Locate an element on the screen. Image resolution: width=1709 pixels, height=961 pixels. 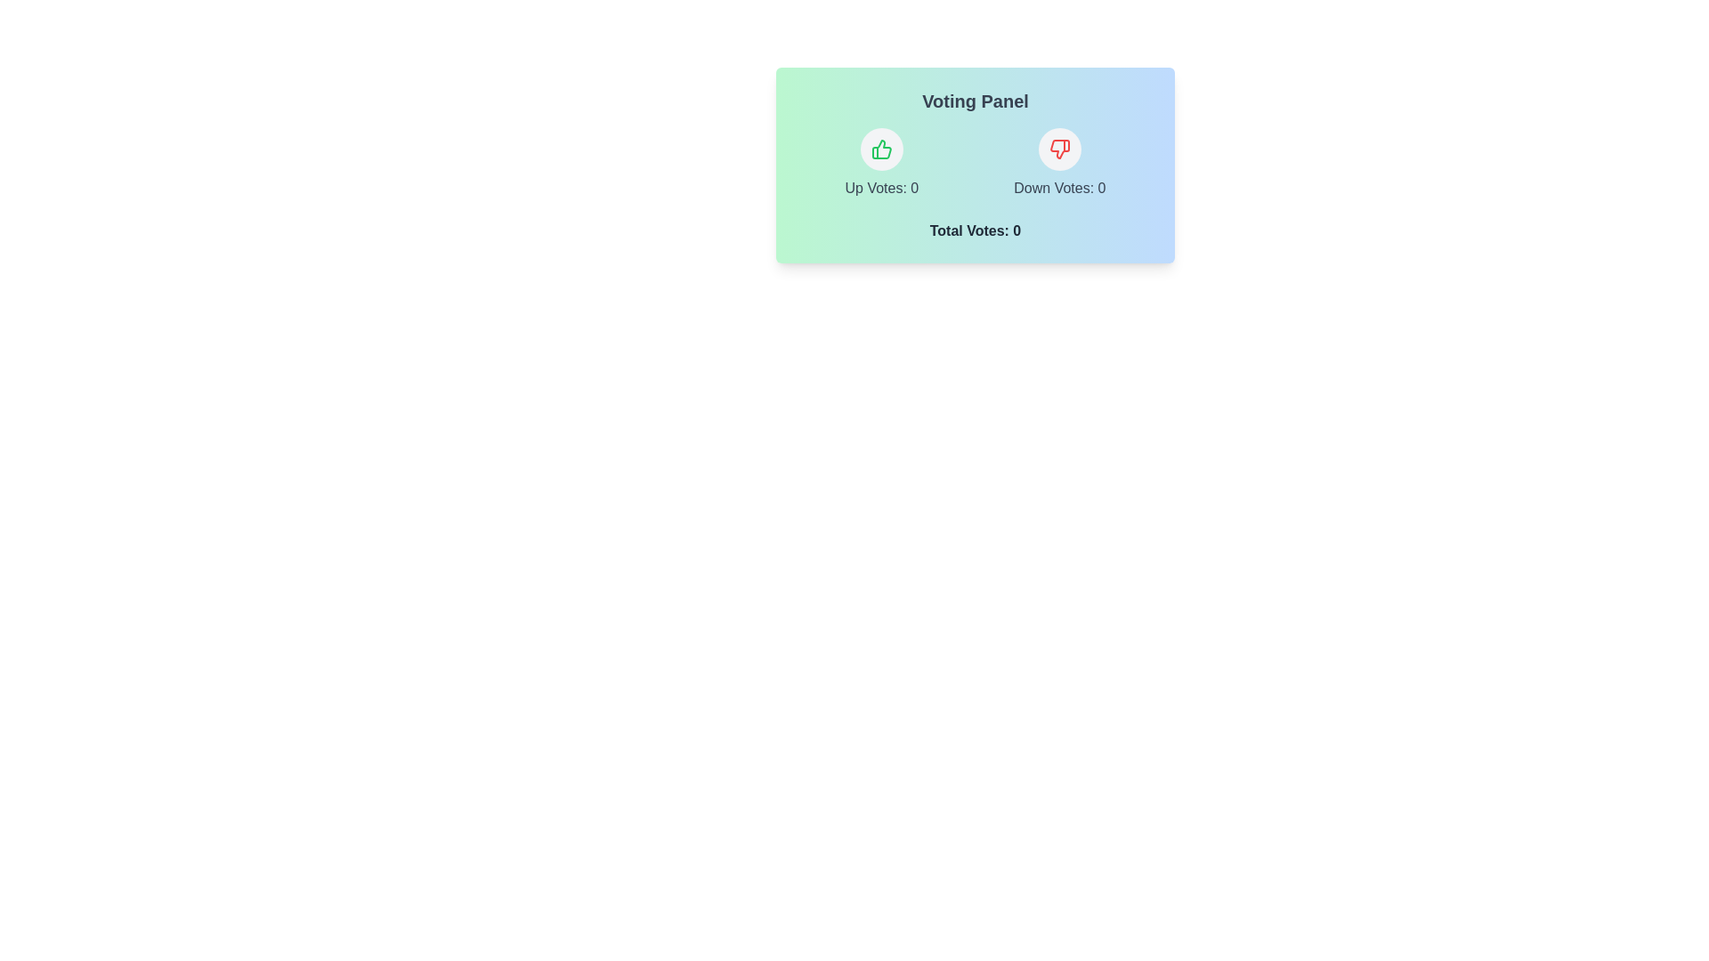
the approval icon button located in the left section of the Voting Panel interface to register an upvote is located at coordinates (881, 149).